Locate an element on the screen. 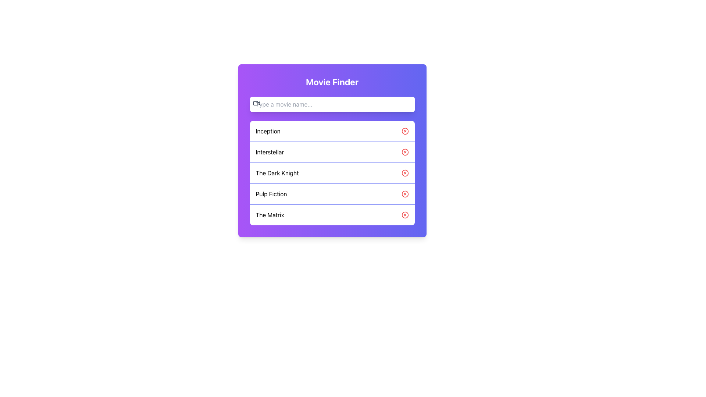  the video-related icon, which is positioned at the top left corner of the input field near the placeholder text 'Type a movie name...' is located at coordinates (256, 103).